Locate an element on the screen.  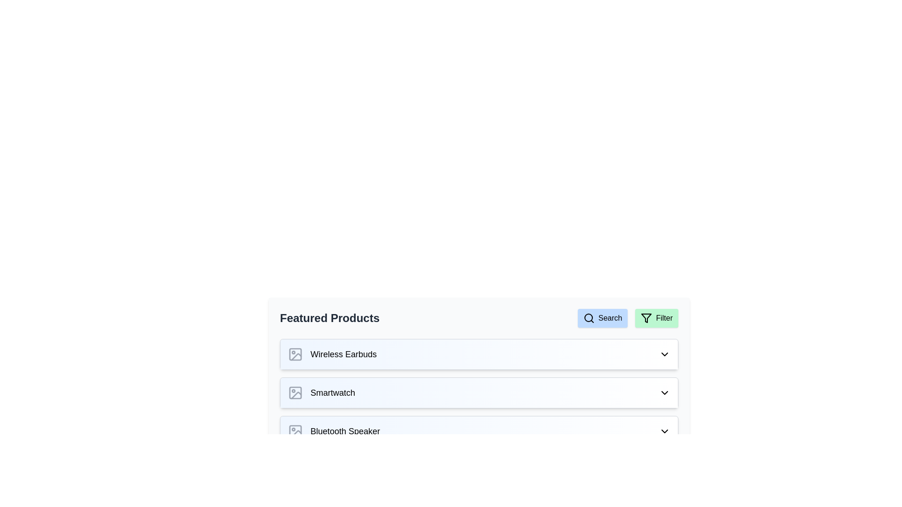
the rounded rectangle graphical SVG shape element that serves as a background for the 'Smartwatch' product in the SVG icon is located at coordinates (295, 393).